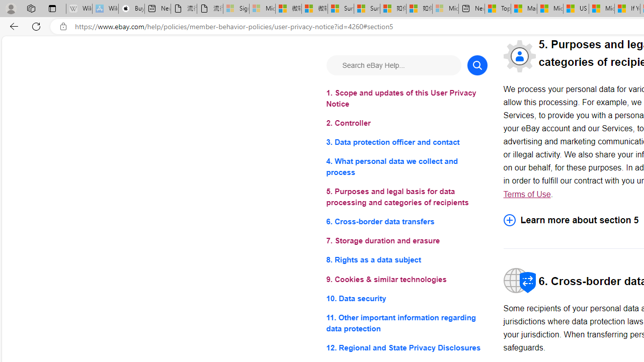 This screenshot has width=644, height=362. I want to click on '2. Controller', so click(407, 123).